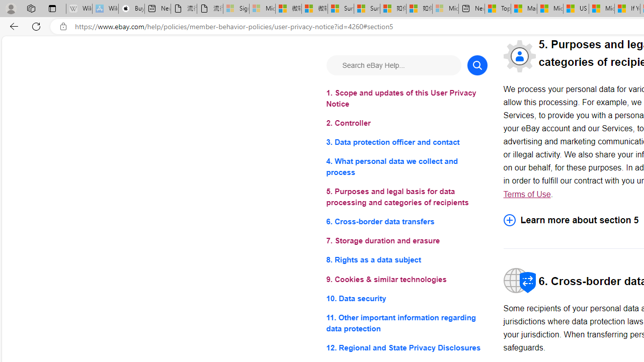 This screenshot has width=644, height=362. I want to click on '2. Controller', so click(407, 123).